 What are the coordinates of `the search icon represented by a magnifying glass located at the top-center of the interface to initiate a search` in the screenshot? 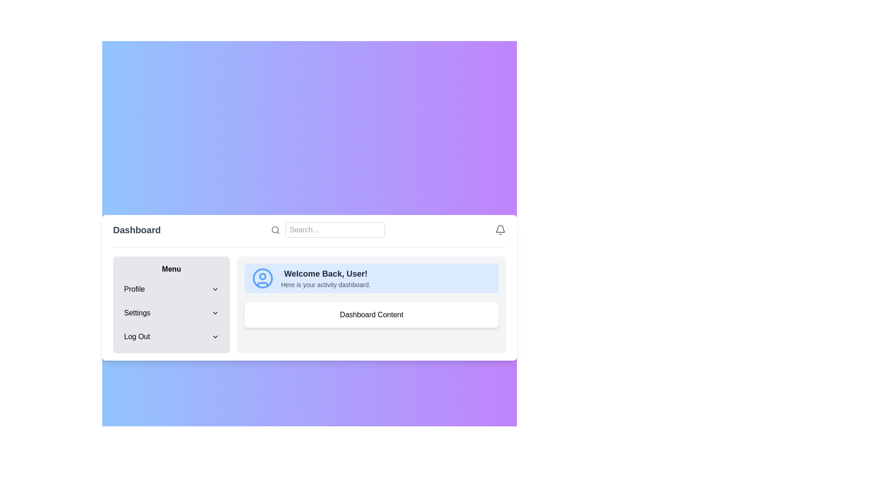 It's located at (275, 229).